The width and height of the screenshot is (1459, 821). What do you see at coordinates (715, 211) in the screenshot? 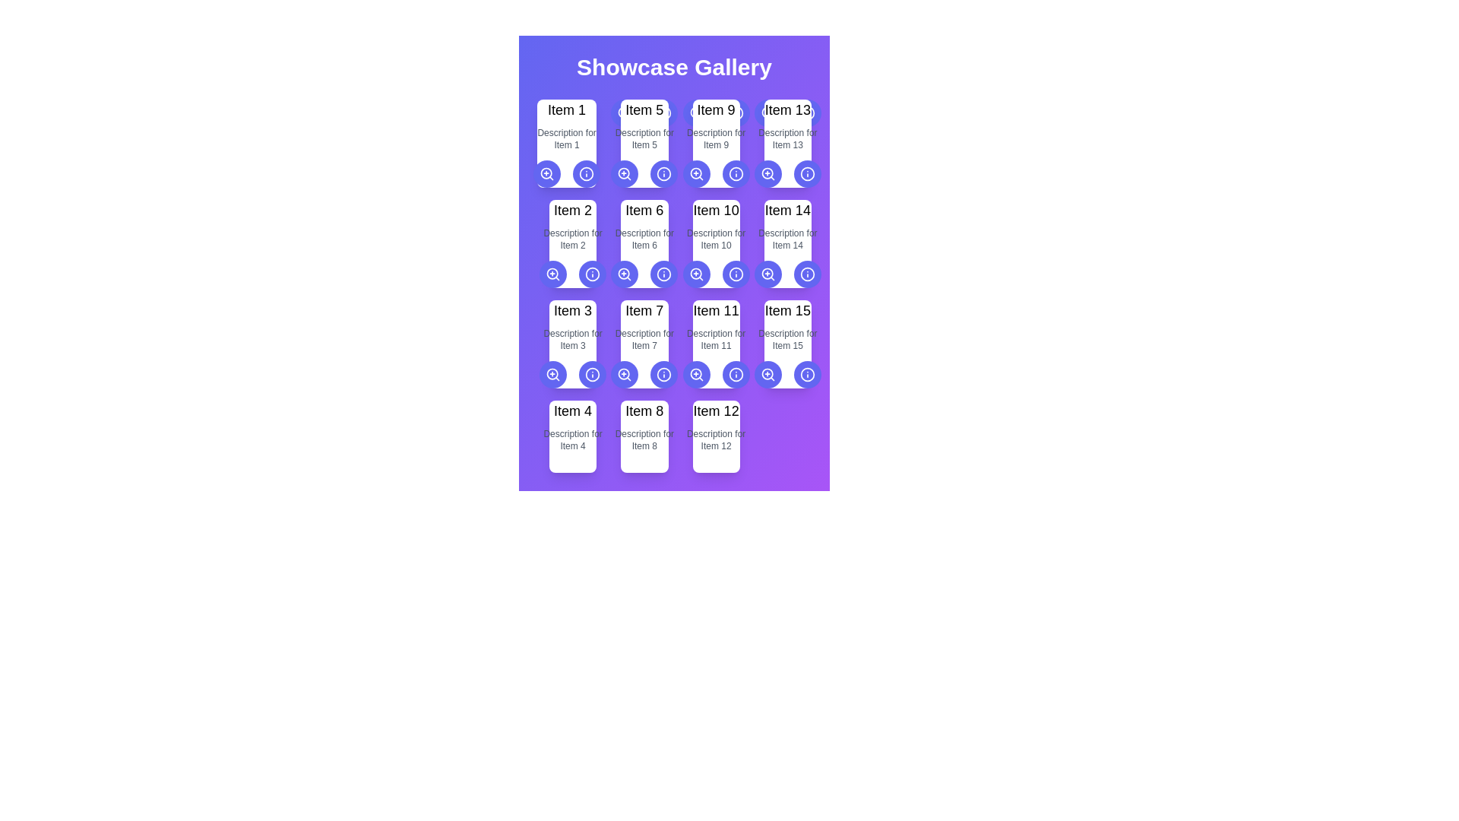
I see `the text label that serves as the header for the card, located in the third row and third column of the grid layout` at bounding box center [715, 211].